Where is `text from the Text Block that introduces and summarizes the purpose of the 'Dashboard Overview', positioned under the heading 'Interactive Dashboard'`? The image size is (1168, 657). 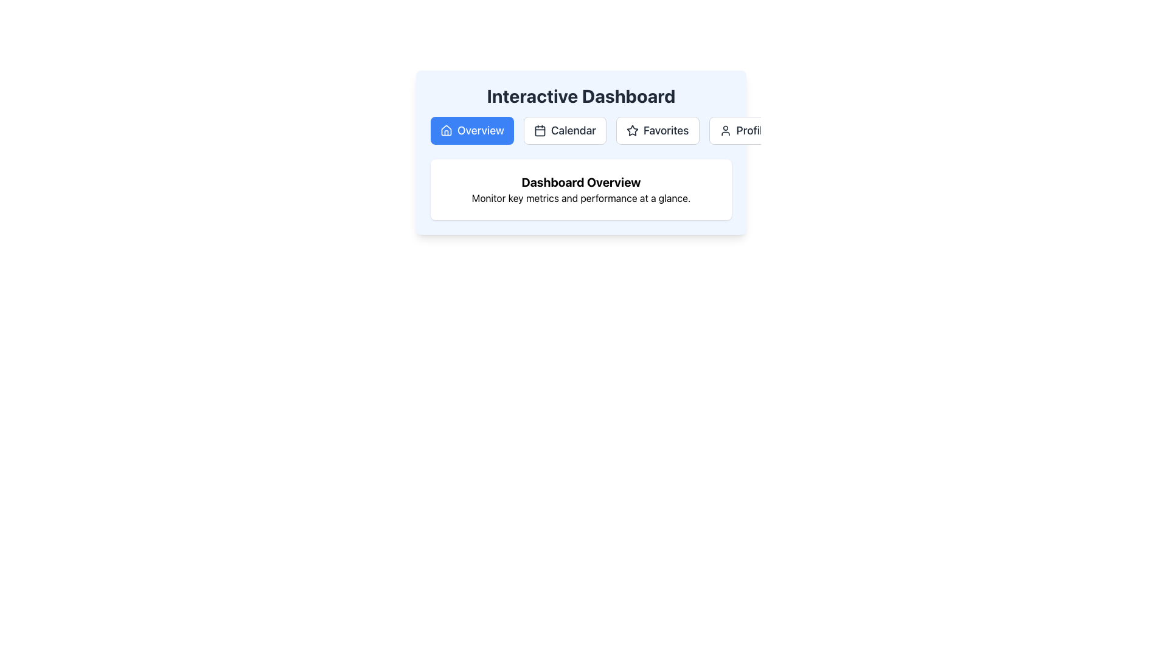
text from the Text Block that introduces and summarizes the purpose of the 'Dashboard Overview', positioned under the heading 'Interactive Dashboard' is located at coordinates (580, 190).